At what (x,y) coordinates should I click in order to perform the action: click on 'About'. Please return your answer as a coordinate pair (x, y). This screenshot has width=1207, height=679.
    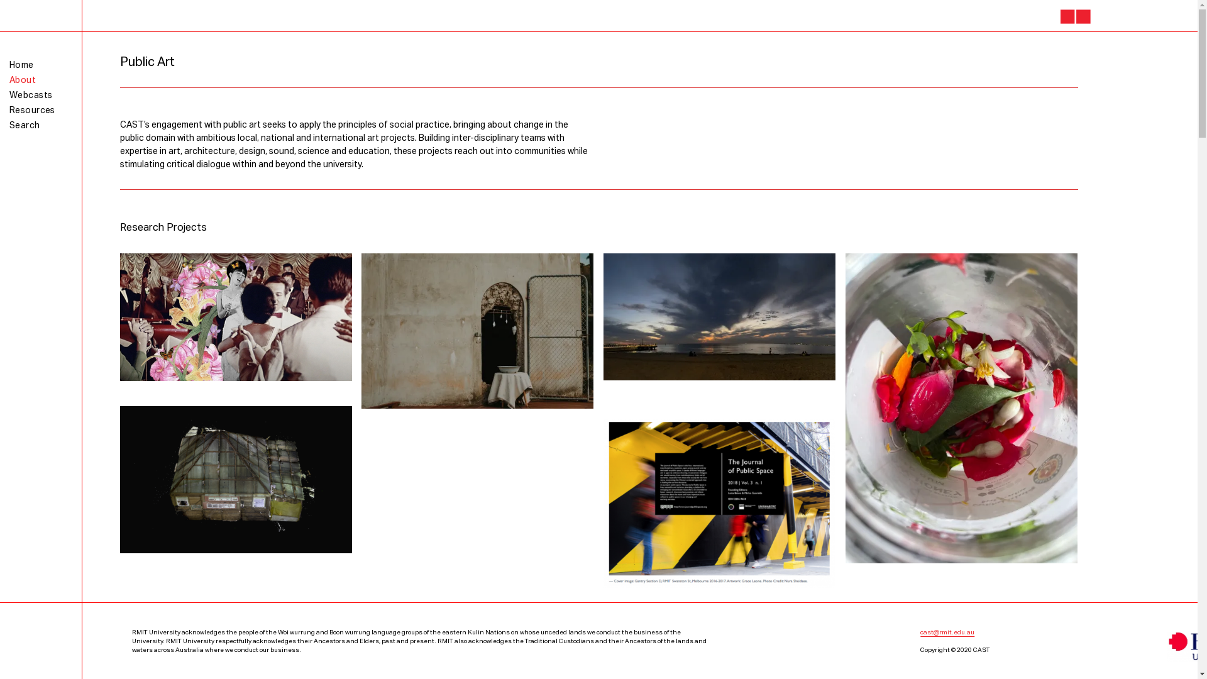
    Looking at the image, I should click on (22, 80).